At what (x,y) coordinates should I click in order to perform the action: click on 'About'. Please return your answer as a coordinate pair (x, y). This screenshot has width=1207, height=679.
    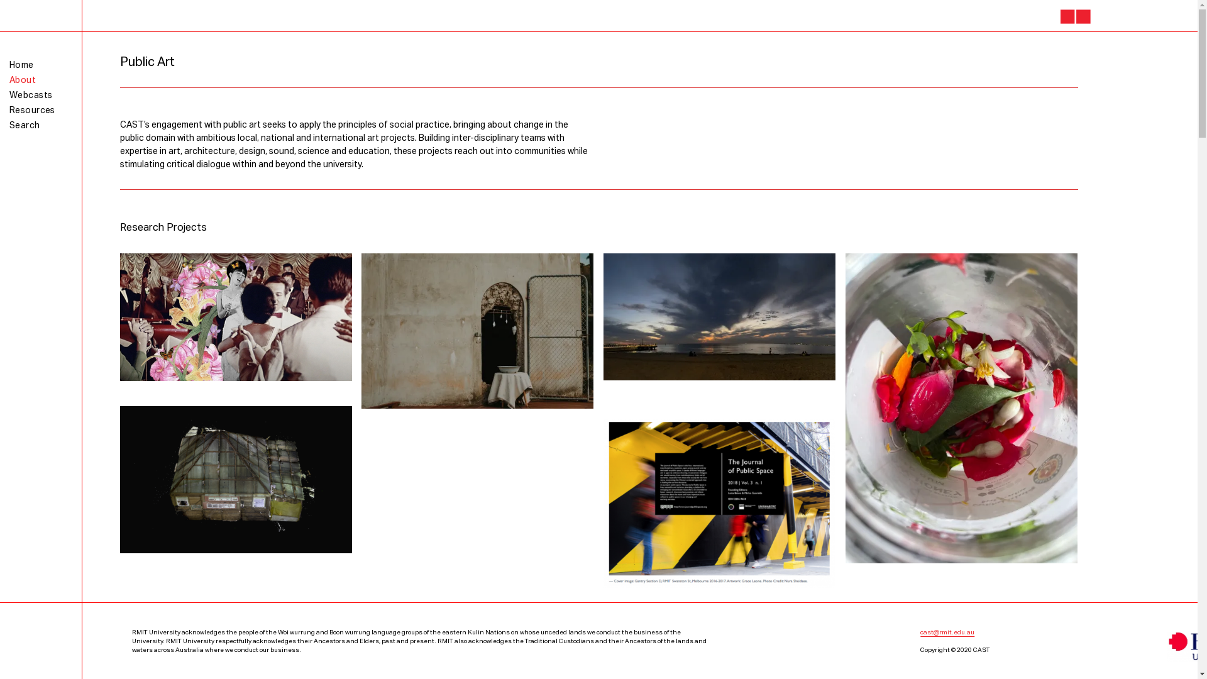
    Looking at the image, I should click on (22, 80).